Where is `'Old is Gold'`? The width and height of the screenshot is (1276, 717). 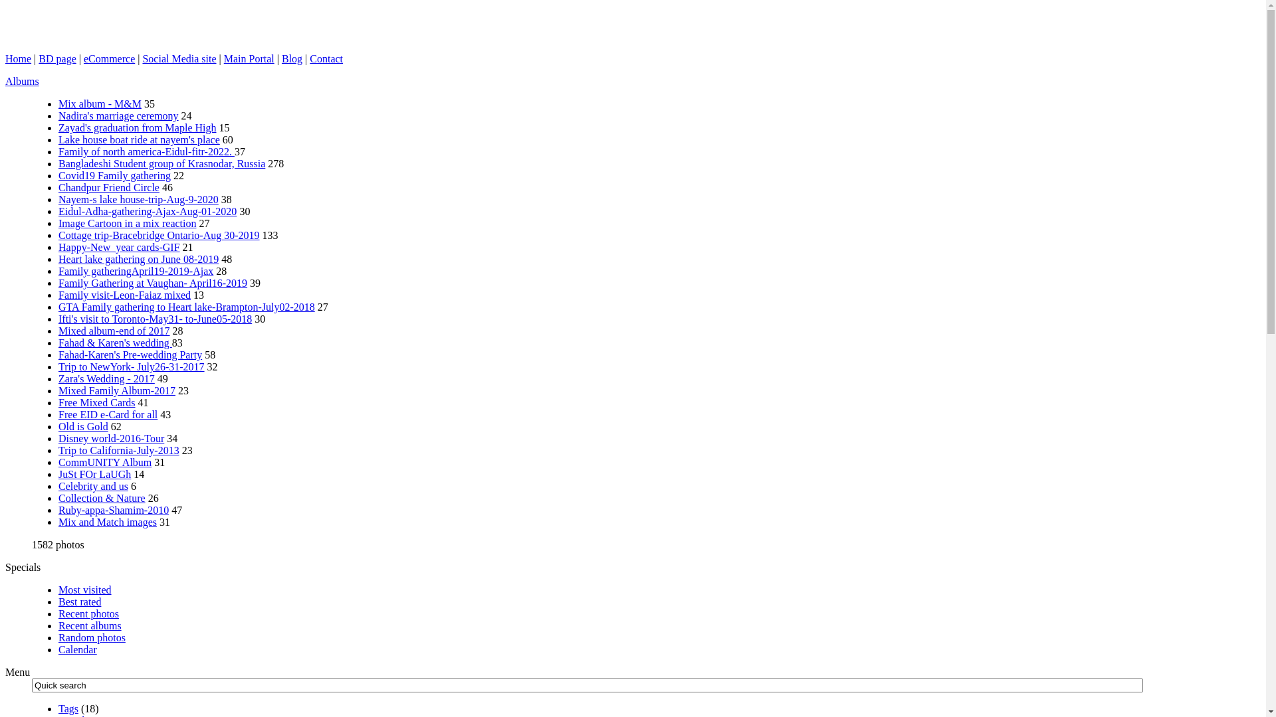 'Old is Gold' is located at coordinates (82, 426).